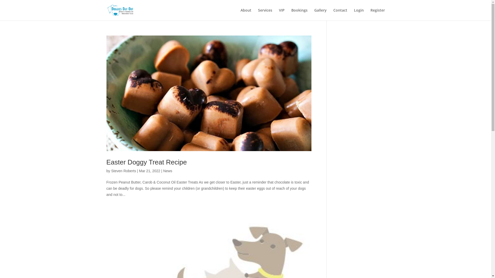 This screenshot has width=495, height=278. What do you see at coordinates (340, 14) in the screenshot?
I see `'Contact'` at bounding box center [340, 14].